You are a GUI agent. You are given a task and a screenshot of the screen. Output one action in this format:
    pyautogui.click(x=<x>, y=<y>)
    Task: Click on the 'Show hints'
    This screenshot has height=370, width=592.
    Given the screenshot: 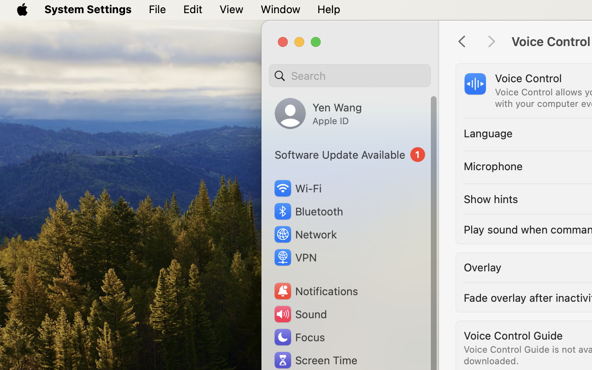 What is the action you would take?
    pyautogui.click(x=491, y=199)
    